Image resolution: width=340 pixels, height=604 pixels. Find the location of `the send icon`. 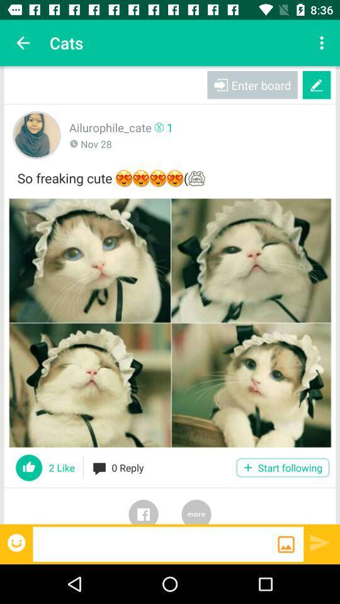

the send icon is located at coordinates (320, 542).